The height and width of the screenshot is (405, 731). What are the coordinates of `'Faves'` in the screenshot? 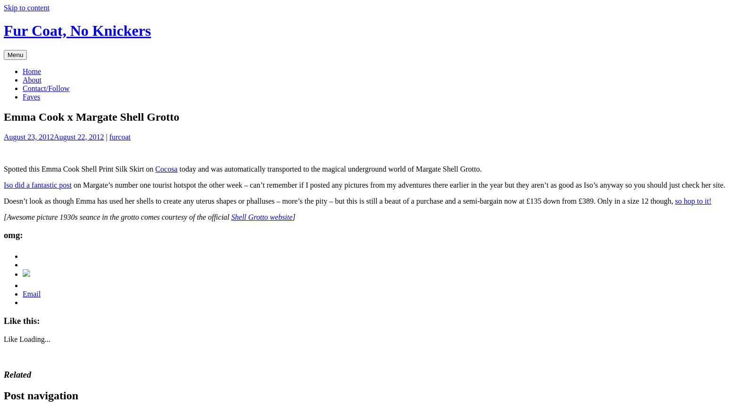 It's located at (31, 96).